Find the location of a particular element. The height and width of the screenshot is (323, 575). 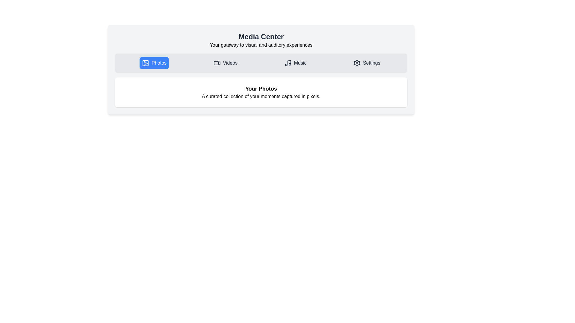

text phrase 'Your gateway to visual and auditory experiences' located beneath the bold header 'Media Center' in the main centered section of the webpage is located at coordinates (261, 45).